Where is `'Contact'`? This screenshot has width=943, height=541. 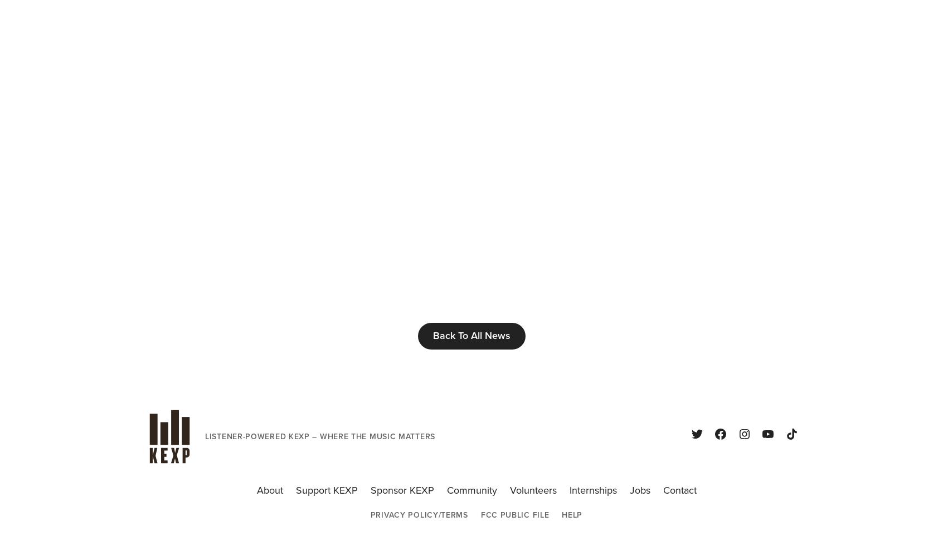
'Contact' is located at coordinates (679, 490).